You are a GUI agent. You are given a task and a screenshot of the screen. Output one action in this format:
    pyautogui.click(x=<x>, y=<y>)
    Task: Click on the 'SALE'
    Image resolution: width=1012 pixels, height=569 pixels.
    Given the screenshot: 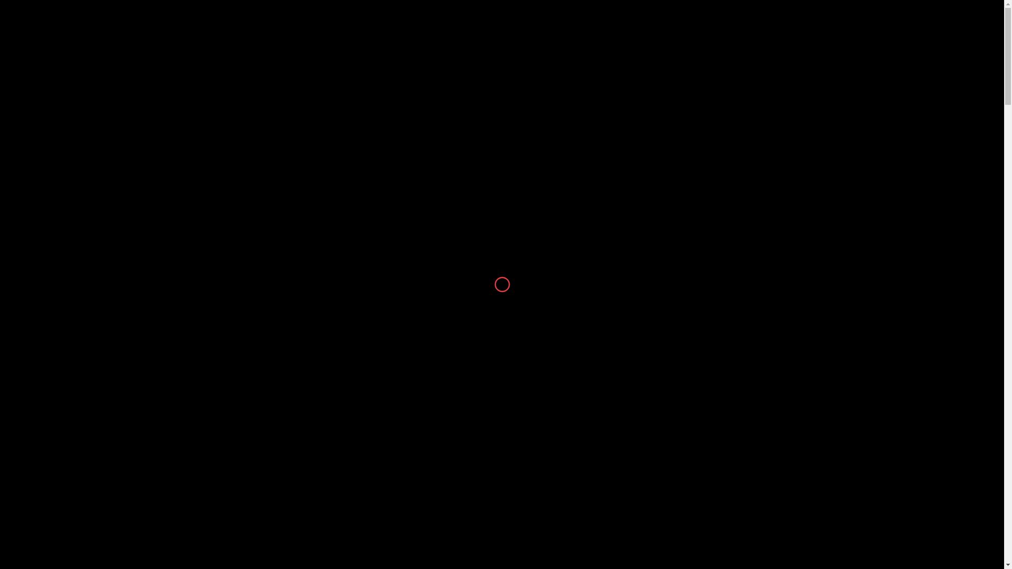 What is the action you would take?
    pyautogui.click(x=453, y=35)
    